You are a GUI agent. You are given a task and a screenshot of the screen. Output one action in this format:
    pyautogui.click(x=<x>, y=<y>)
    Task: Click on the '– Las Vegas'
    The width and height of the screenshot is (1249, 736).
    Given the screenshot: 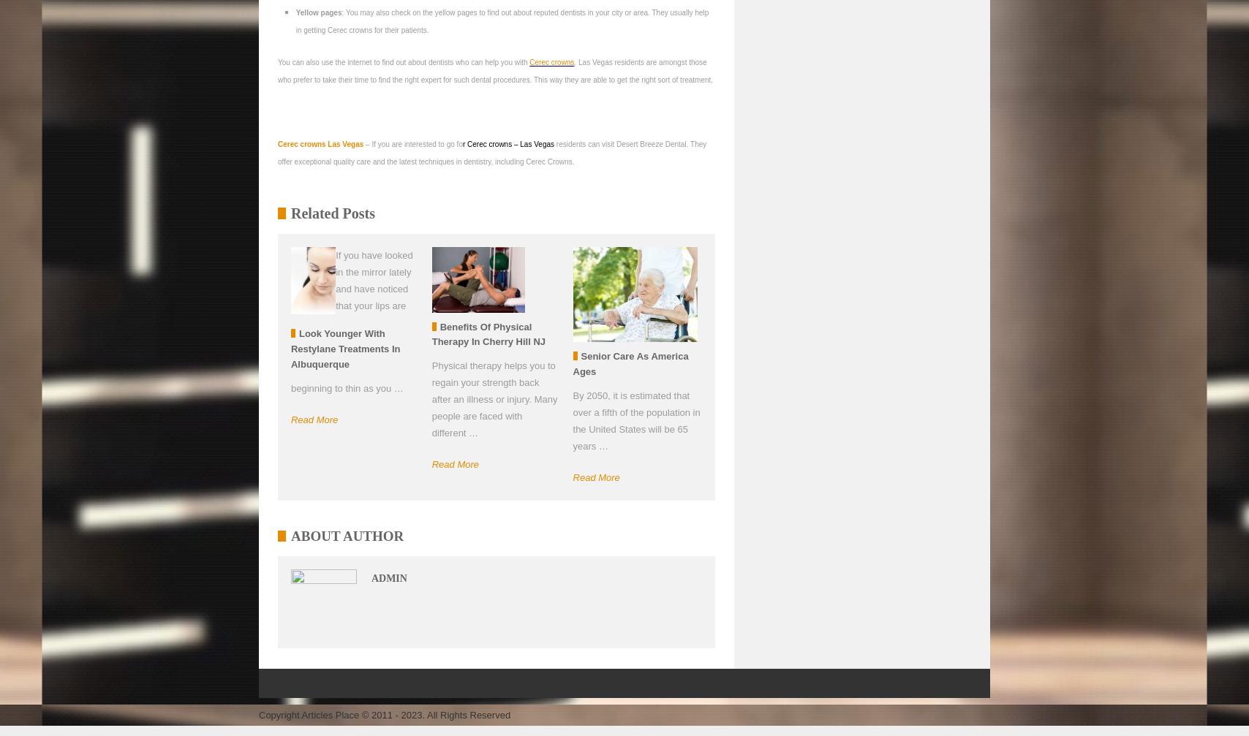 What is the action you would take?
    pyautogui.click(x=511, y=144)
    